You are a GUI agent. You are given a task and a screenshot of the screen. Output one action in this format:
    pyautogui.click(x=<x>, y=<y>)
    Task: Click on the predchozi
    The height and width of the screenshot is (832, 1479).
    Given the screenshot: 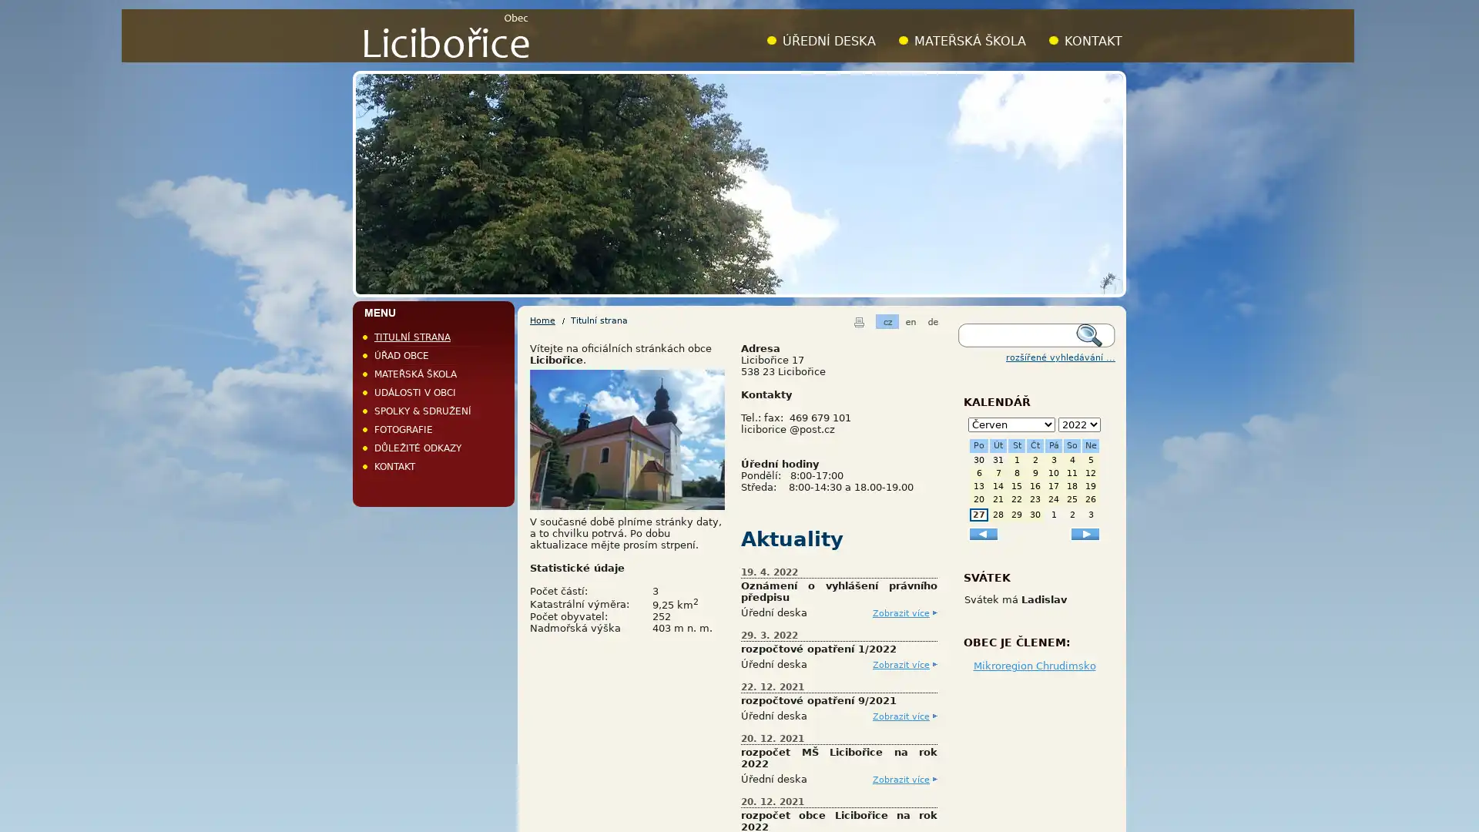 What is the action you would take?
    pyautogui.click(x=982, y=532)
    